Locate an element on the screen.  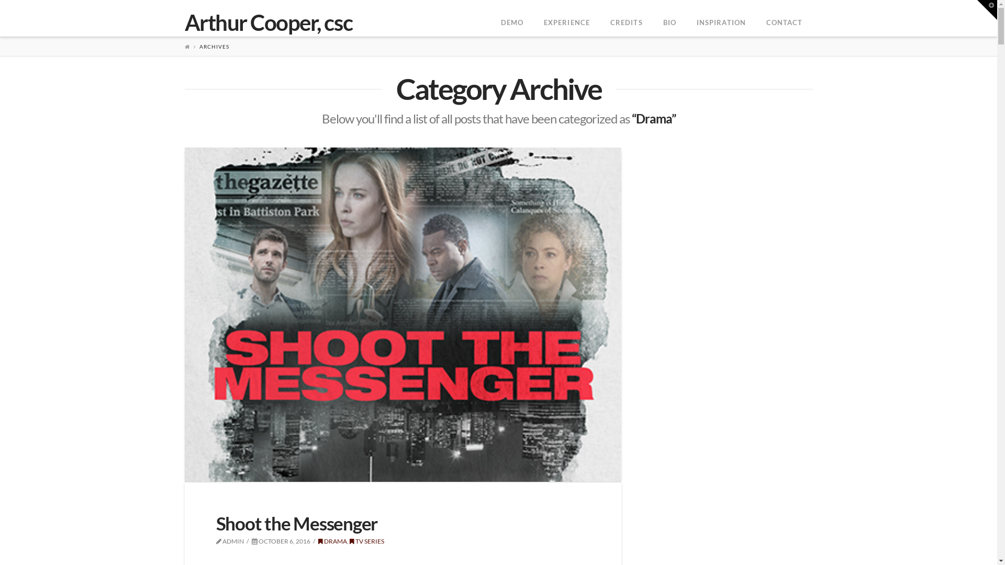
'DEMO' is located at coordinates (489, 18).